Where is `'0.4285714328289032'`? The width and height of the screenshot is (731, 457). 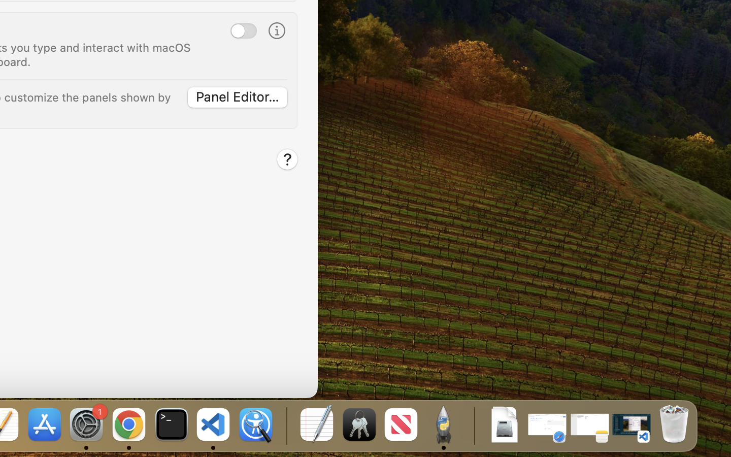 '0.4285714328289032' is located at coordinates (285, 425).